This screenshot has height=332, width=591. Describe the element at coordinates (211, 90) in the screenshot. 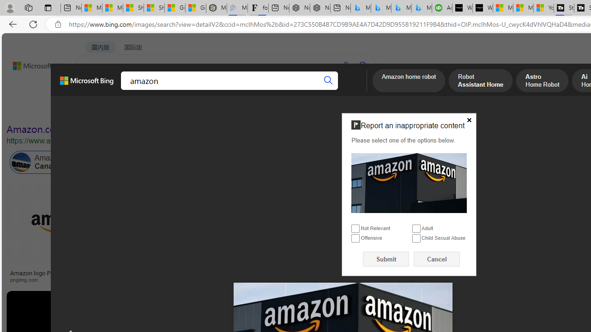

I see `'VIDEOS'` at that location.